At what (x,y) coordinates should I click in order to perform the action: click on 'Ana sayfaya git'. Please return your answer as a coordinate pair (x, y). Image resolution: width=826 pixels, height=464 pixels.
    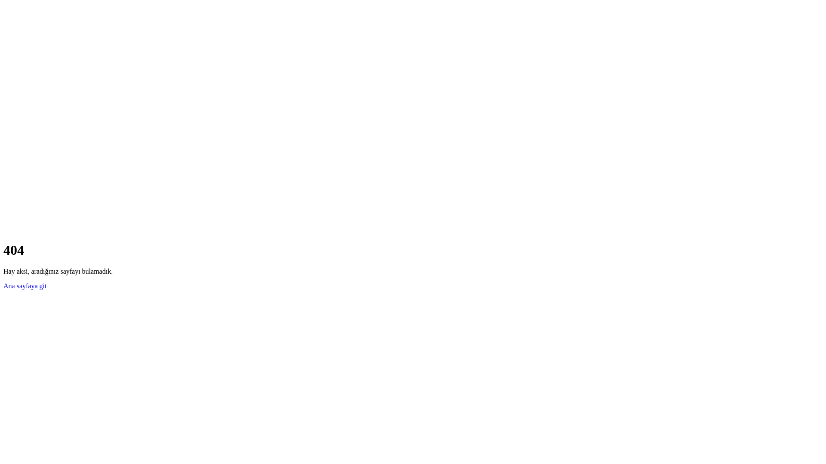
    Looking at the image, I should click on (25, 286).